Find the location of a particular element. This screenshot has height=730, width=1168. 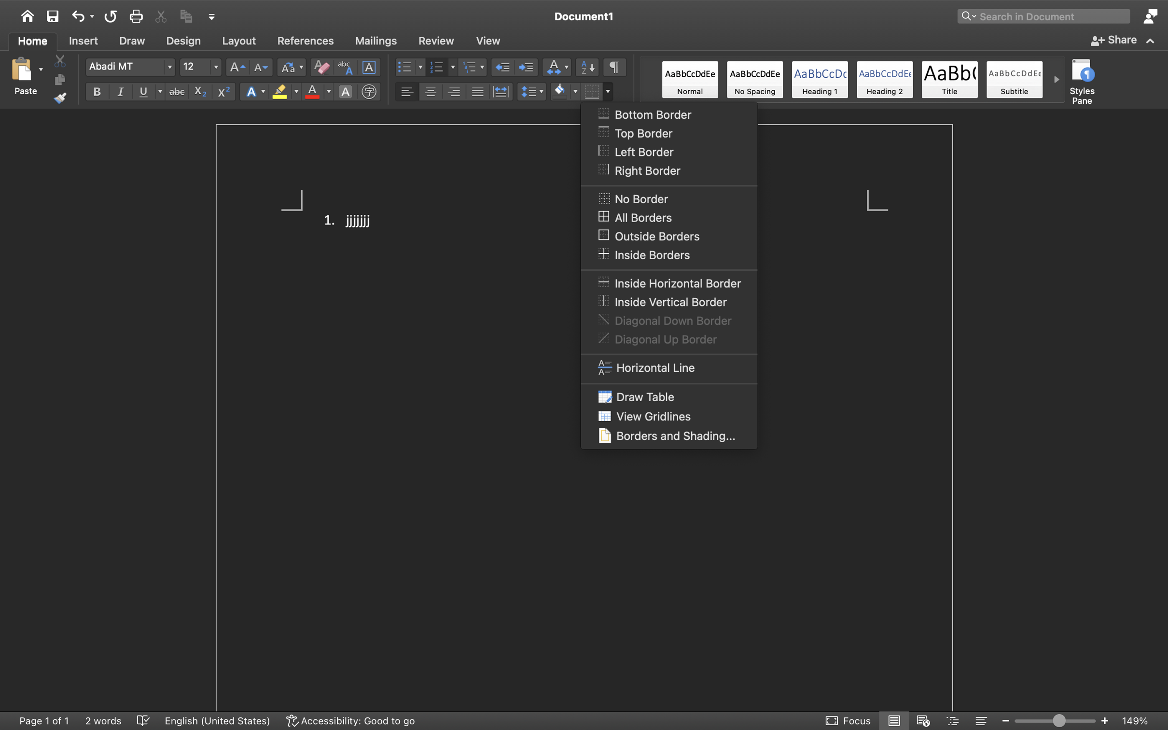

'12' is located at coordinates (200, 67).